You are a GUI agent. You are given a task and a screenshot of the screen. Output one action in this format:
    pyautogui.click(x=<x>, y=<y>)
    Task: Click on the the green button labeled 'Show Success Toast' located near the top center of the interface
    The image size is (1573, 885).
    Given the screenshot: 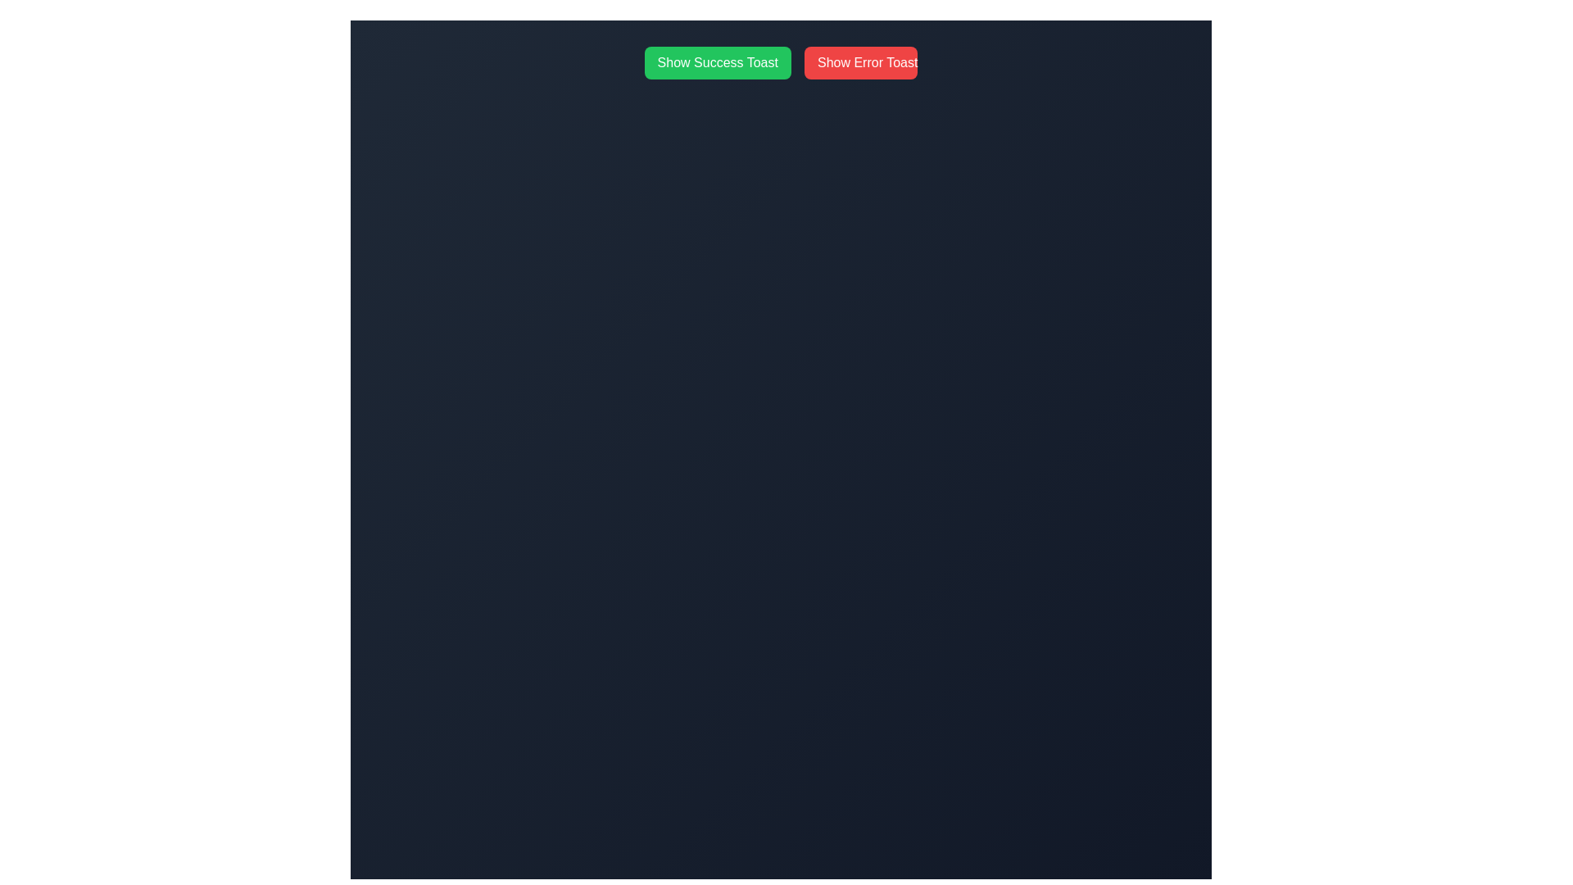 What is the action you would take?
    pyautogui.click(x=717, y=62)
    